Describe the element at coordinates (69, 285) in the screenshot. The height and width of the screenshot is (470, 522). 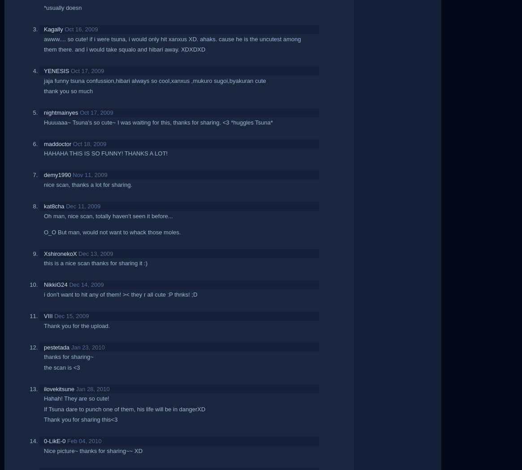
I see `'Dec 14, 2009'` at that location.